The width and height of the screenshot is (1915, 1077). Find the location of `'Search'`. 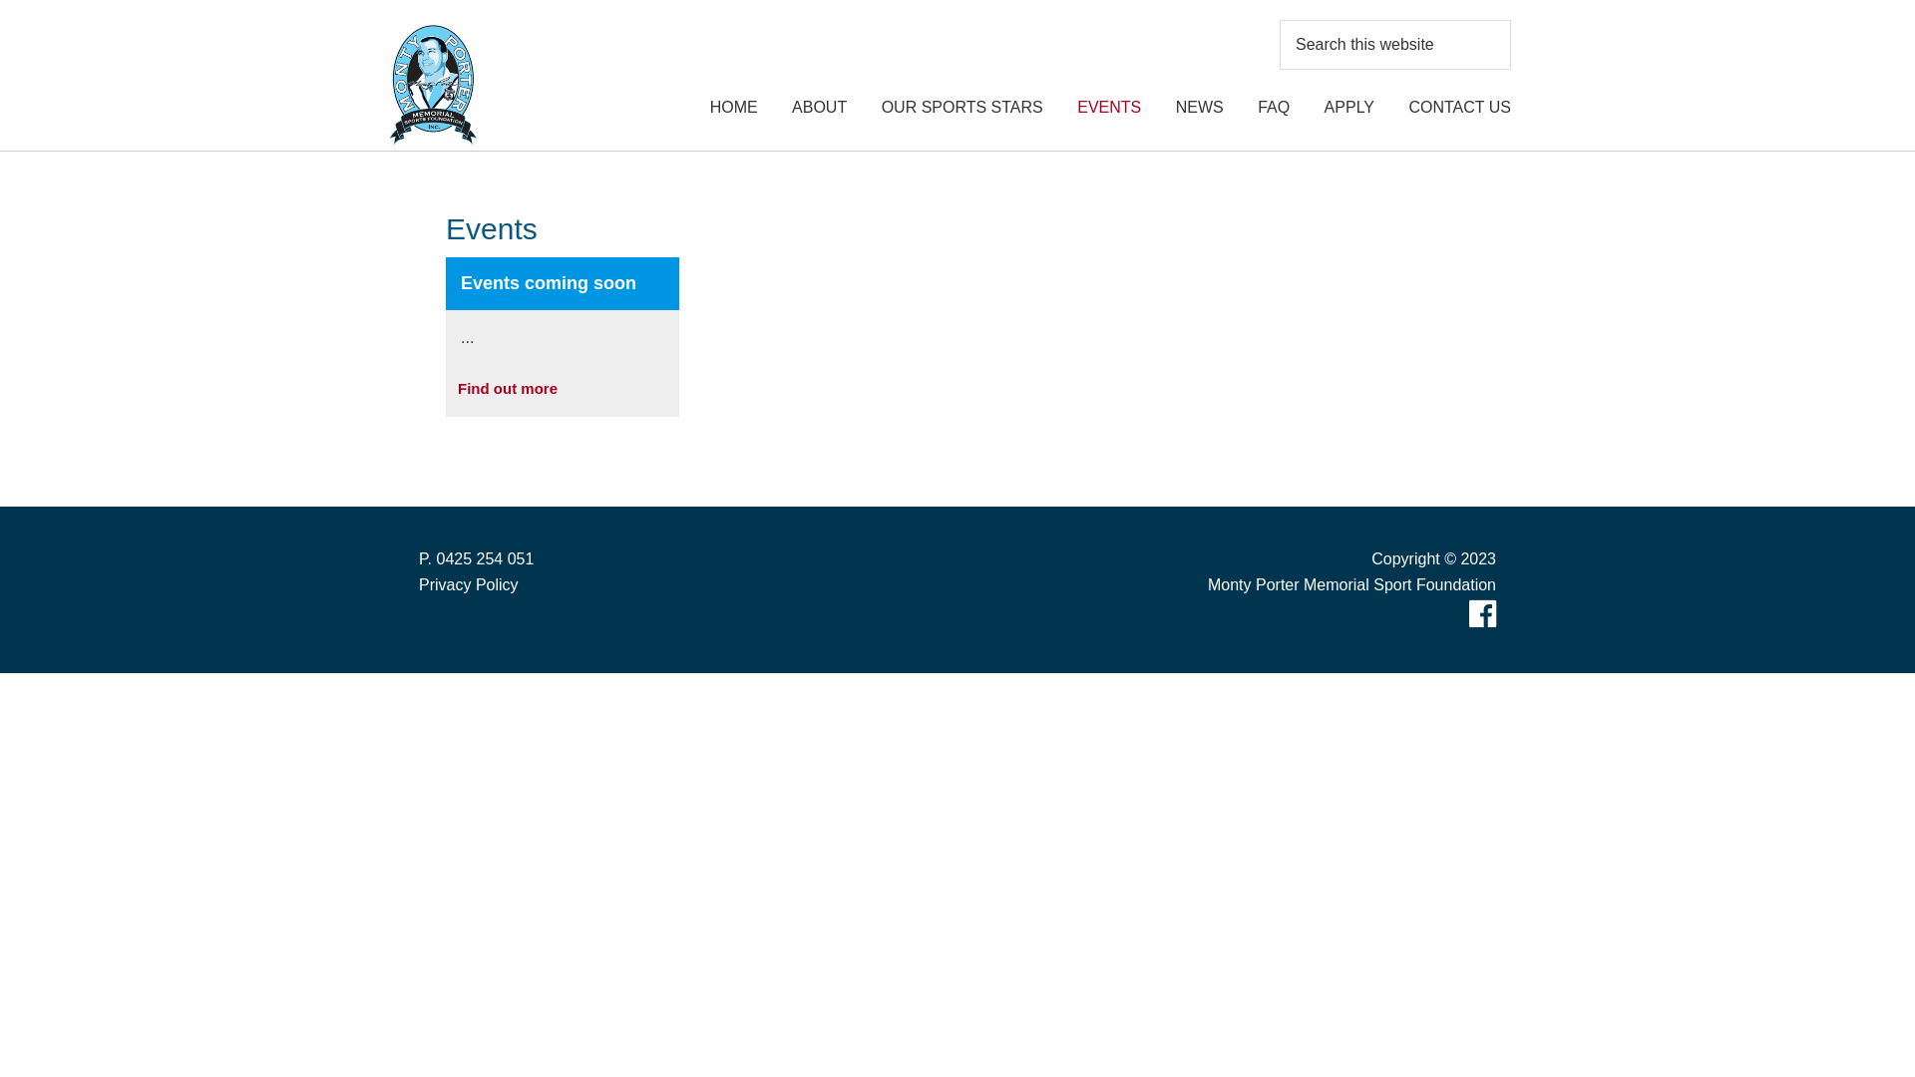

'Search' is located at coordinates (1510, 19).